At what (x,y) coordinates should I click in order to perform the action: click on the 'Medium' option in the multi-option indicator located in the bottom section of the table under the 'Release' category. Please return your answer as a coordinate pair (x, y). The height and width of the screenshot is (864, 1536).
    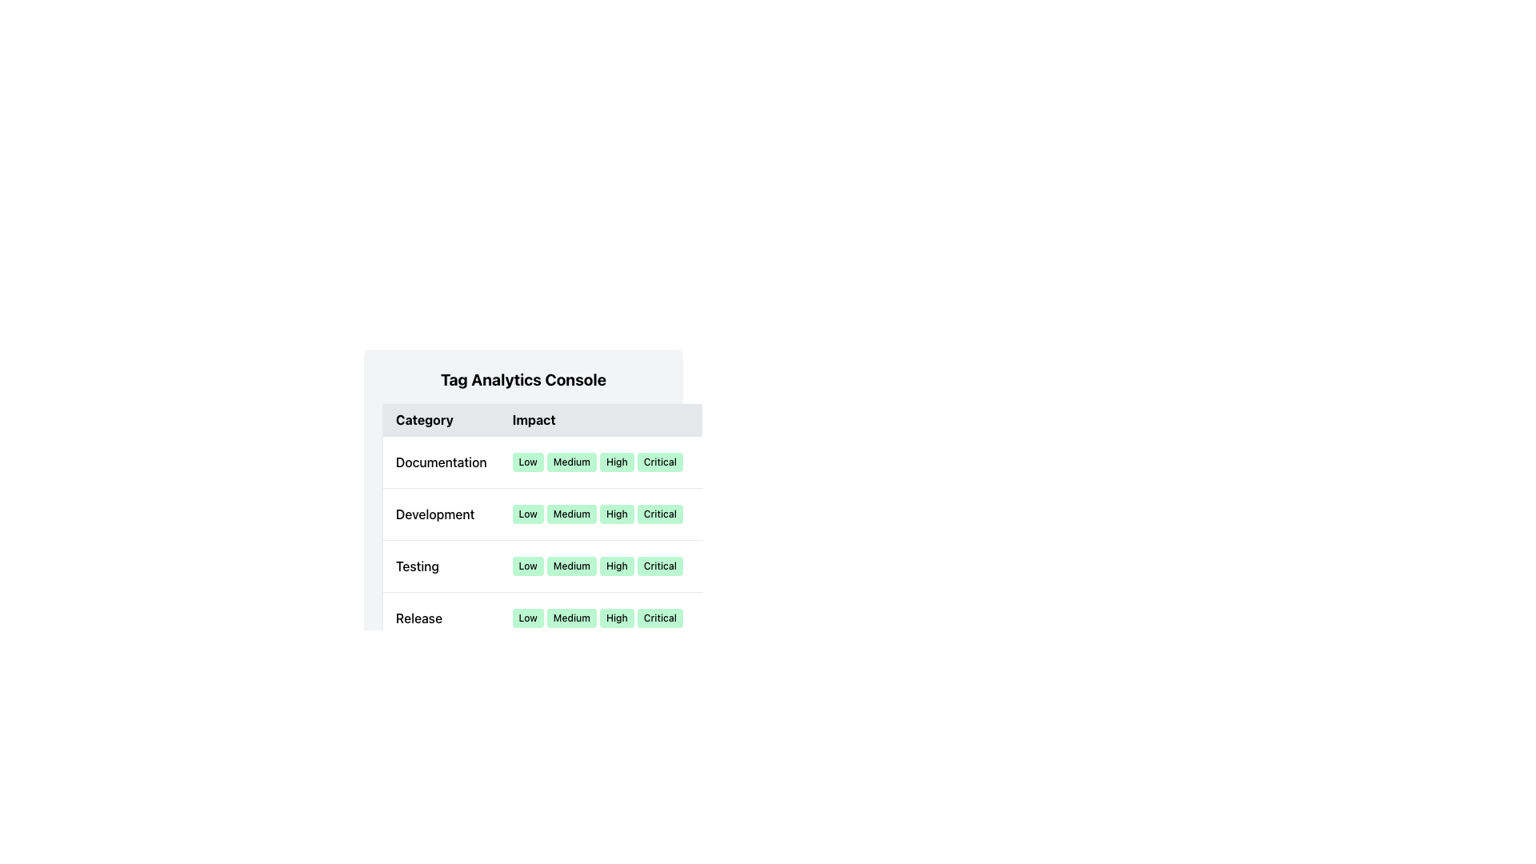
    Looking at the image, I should click on (575, 617).